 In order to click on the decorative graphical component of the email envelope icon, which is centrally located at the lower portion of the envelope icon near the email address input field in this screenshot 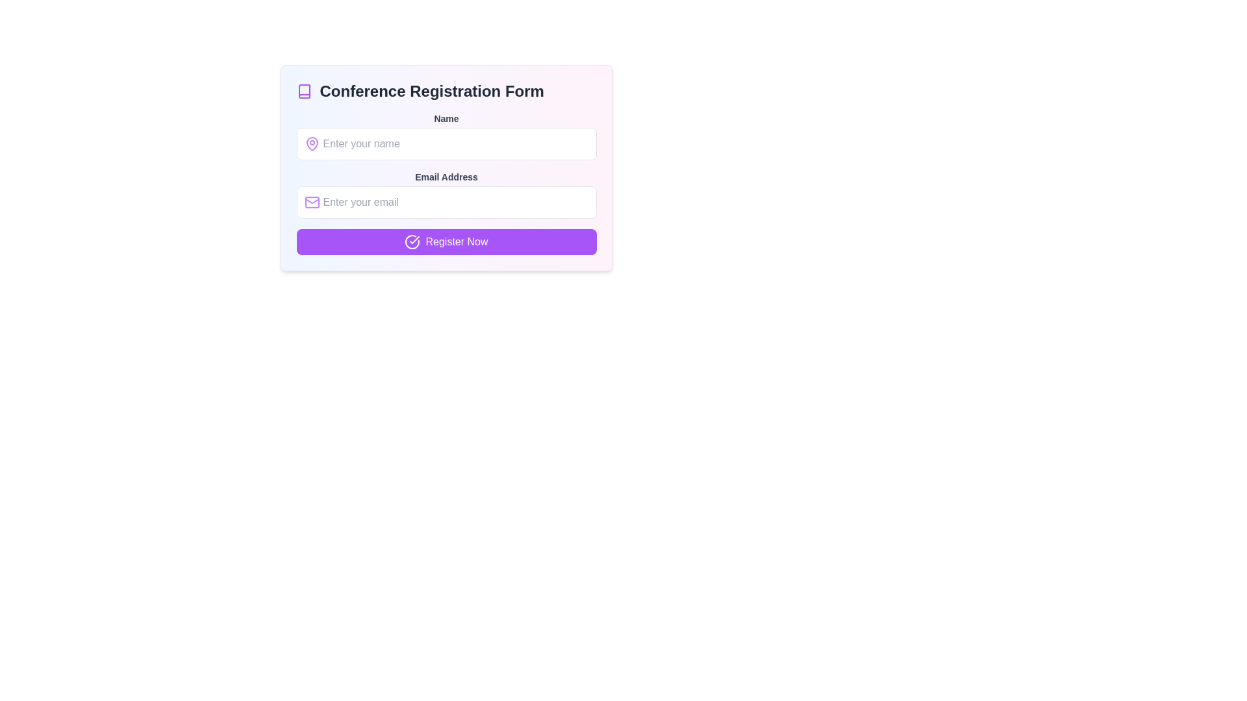, I will do `click(312, 201)`.